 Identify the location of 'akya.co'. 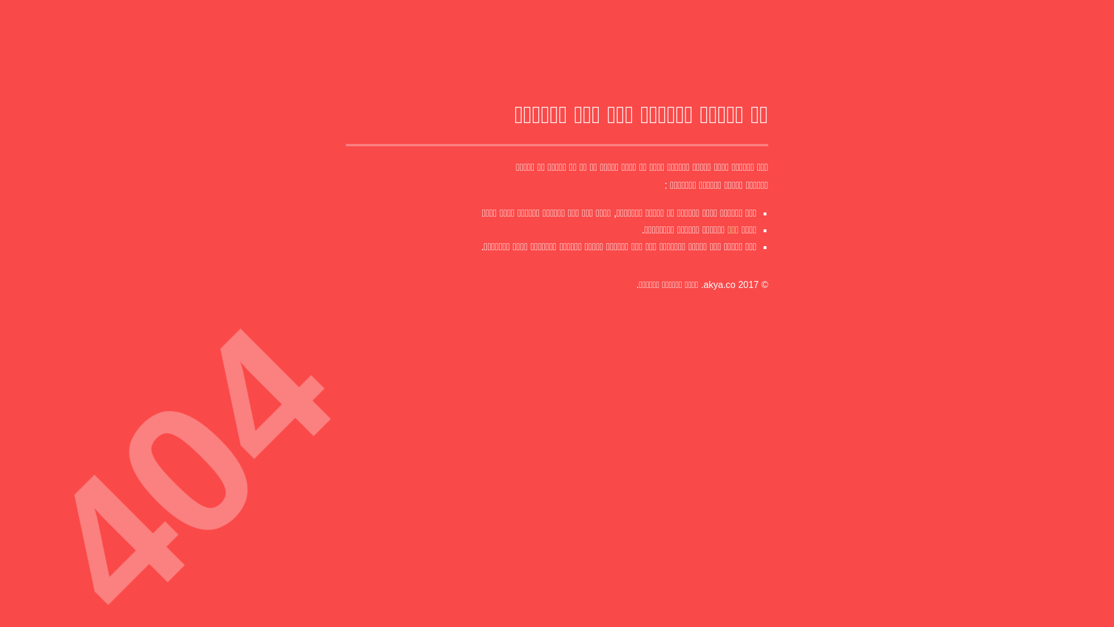
(719, 284).